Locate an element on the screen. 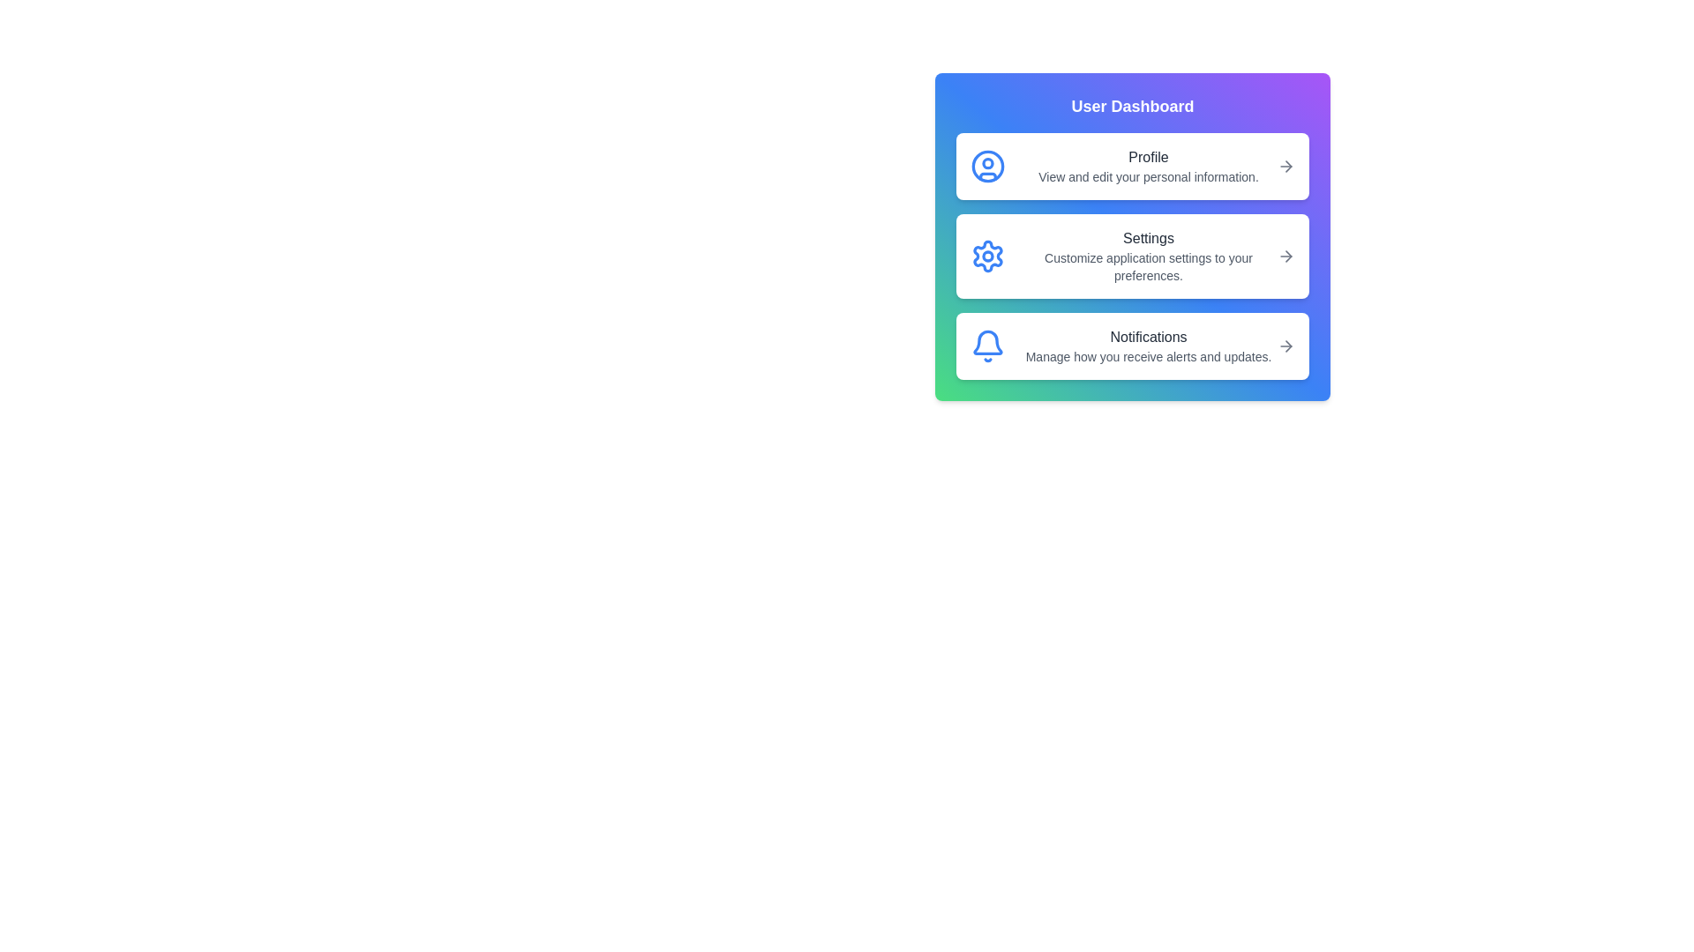  the Settings icon to view its context menu options is located at coordinates (986, 256).